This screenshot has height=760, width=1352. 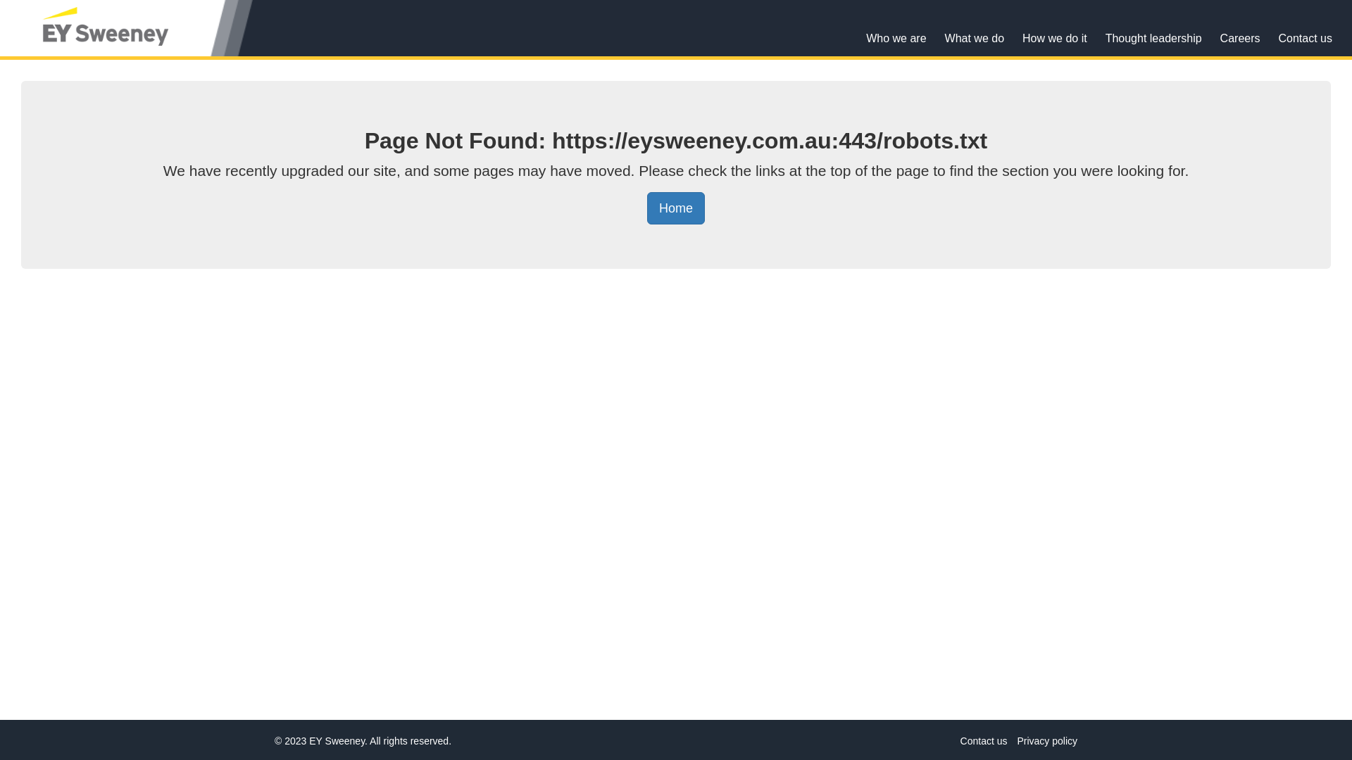 I want to click on 'Contact us', so click(x=983, y=740).